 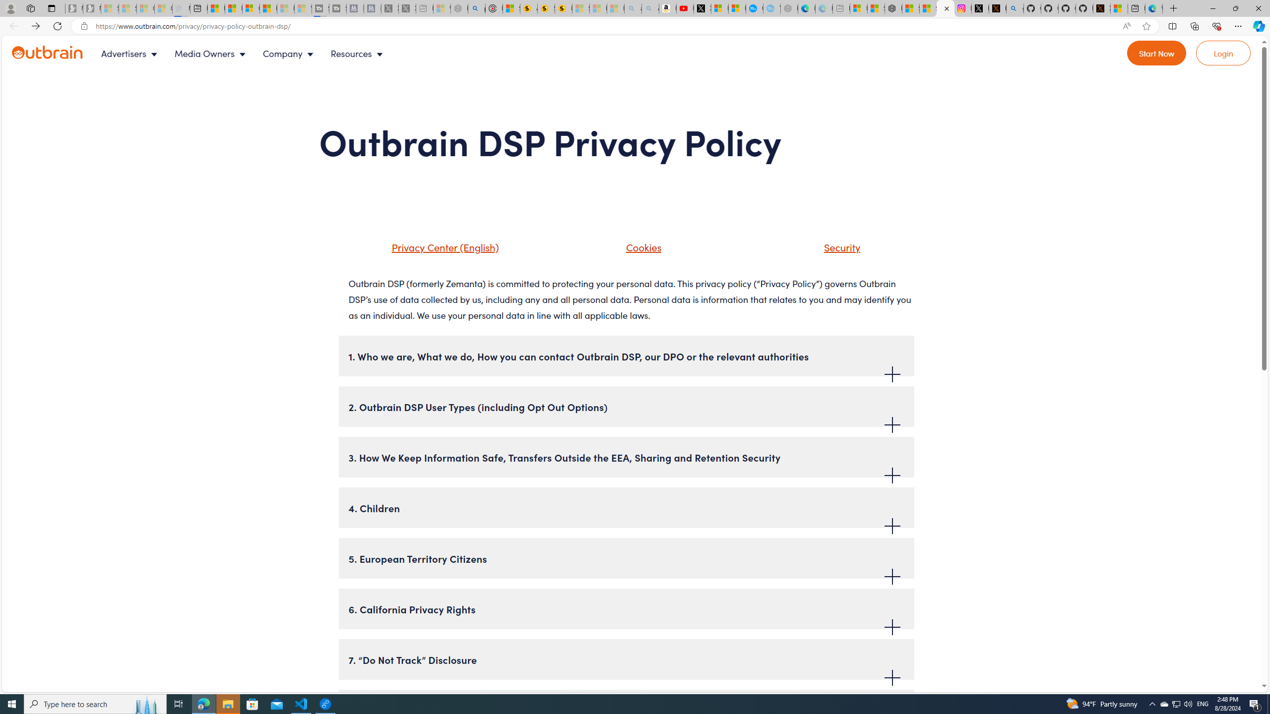 What do you see at coordinates (564, 8) in the screenshot?
I see `'Michelle Starr, Senior Journalist at ScienceAlert'` at bounding box center [564, 8].